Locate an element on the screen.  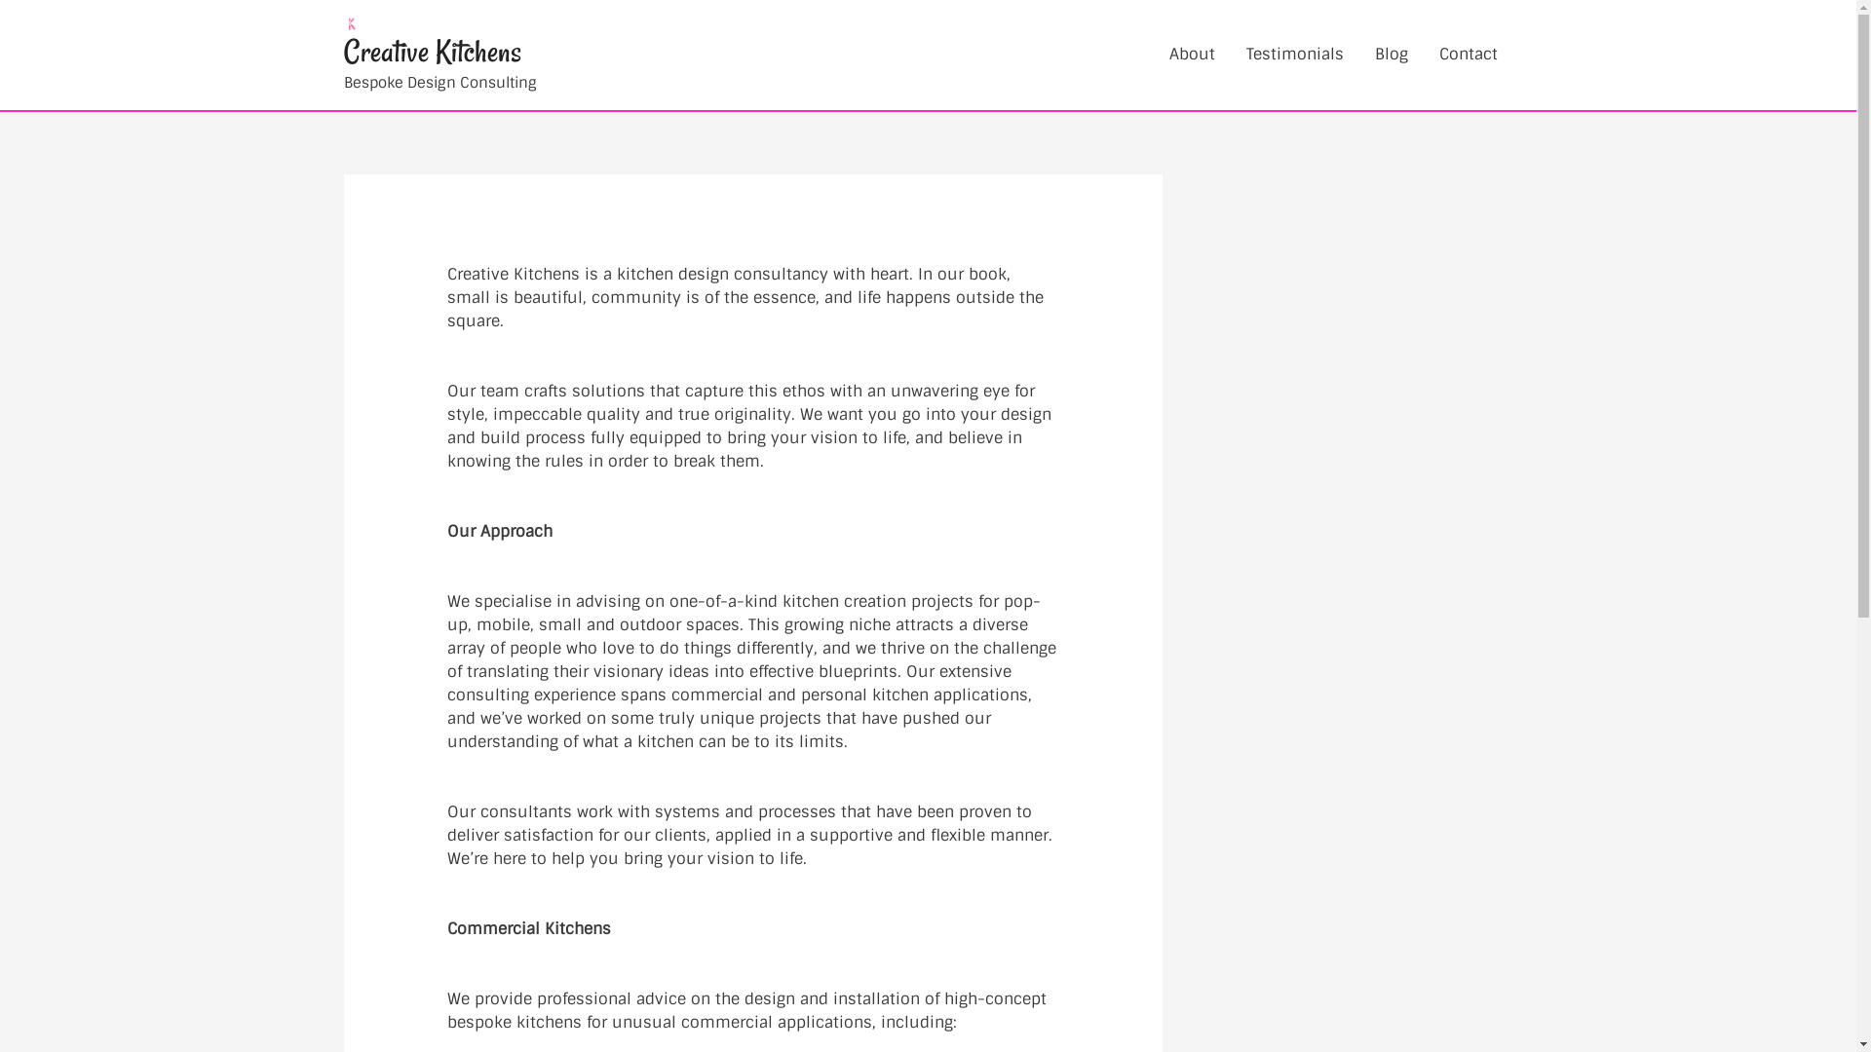
'Testimonials' is located at coordinates (1294, 54).